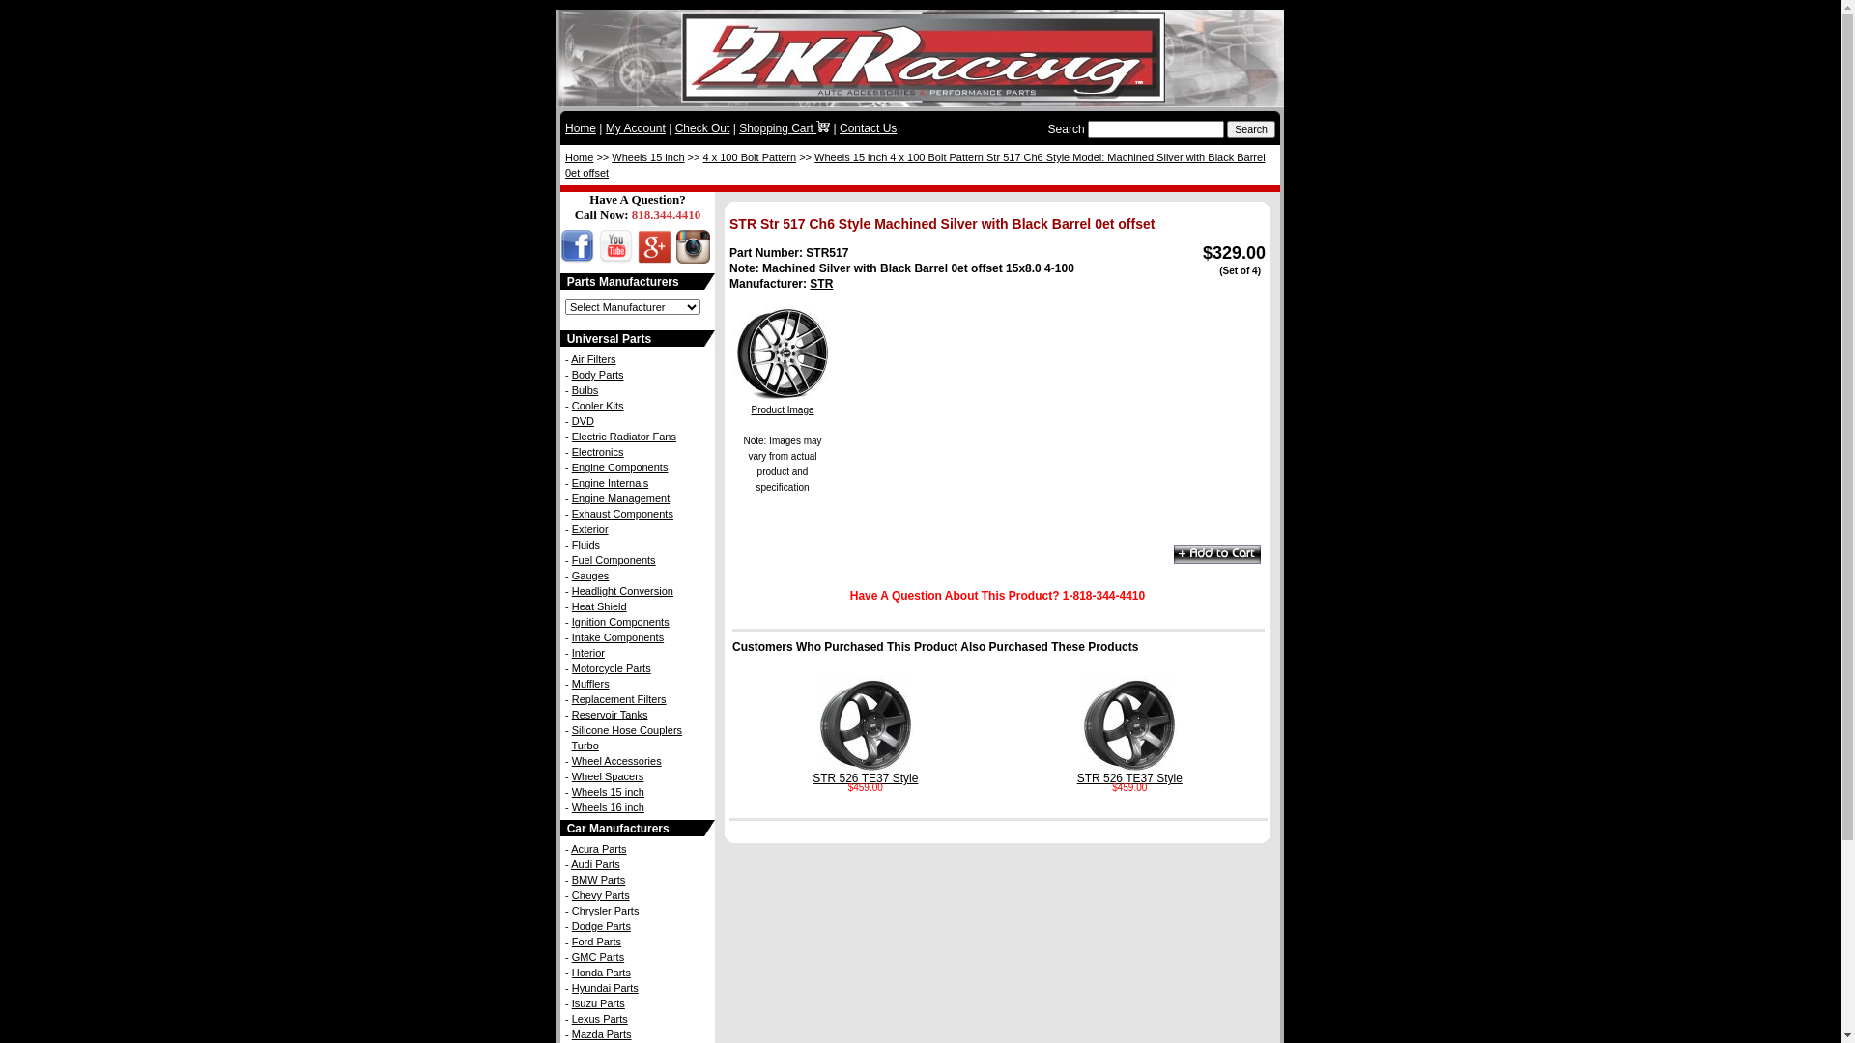 This screenshot has height=1043, width=1855. I want to click on 'Isuzu Parts', so click(597, 1001).